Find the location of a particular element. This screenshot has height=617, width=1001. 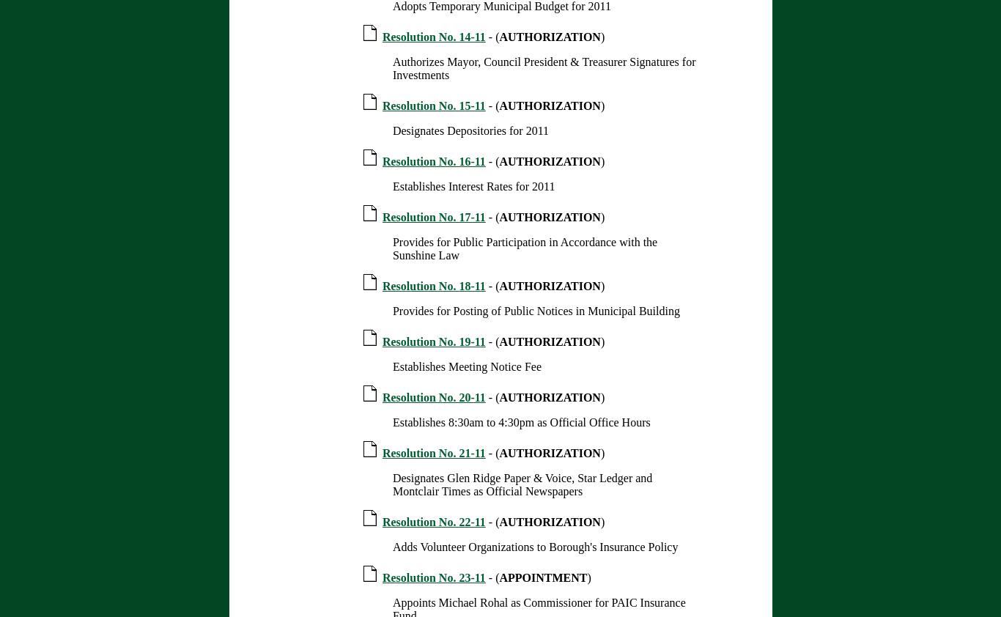

'APPOINTMENT' is located at coordinates (543, 577).